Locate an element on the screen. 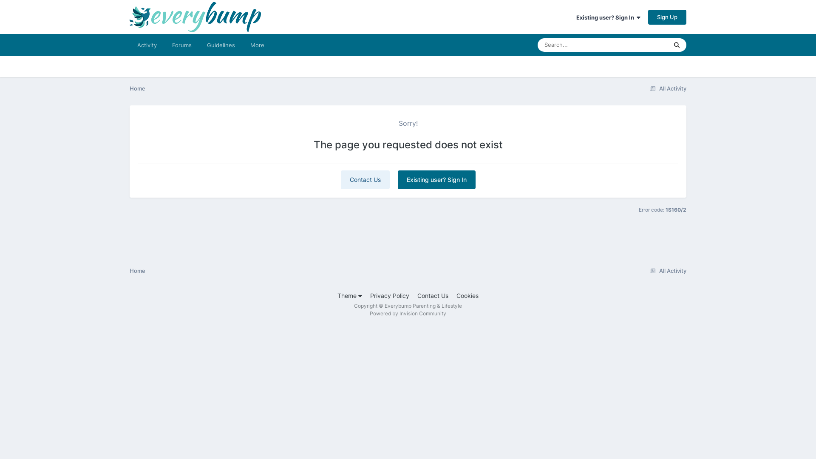 The image size is (816, 459). 'All Activity' is located at coordinates (666, 270).